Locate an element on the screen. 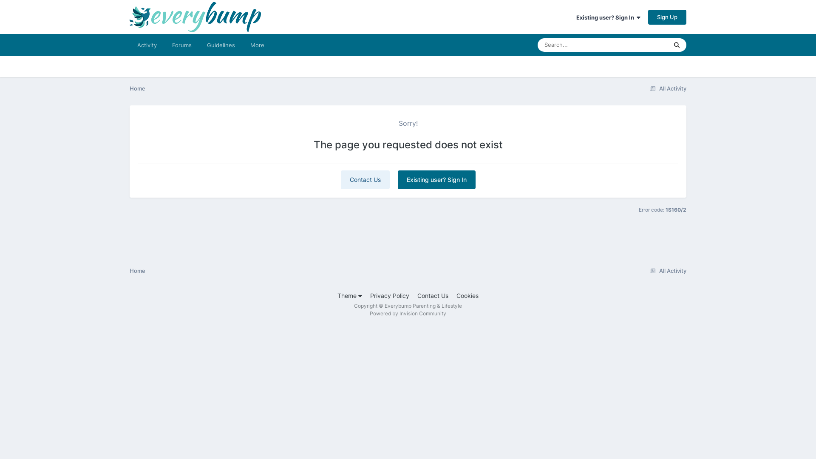 The image size is (816, 459). 'All Activity' is located at coordinates (666, 270).